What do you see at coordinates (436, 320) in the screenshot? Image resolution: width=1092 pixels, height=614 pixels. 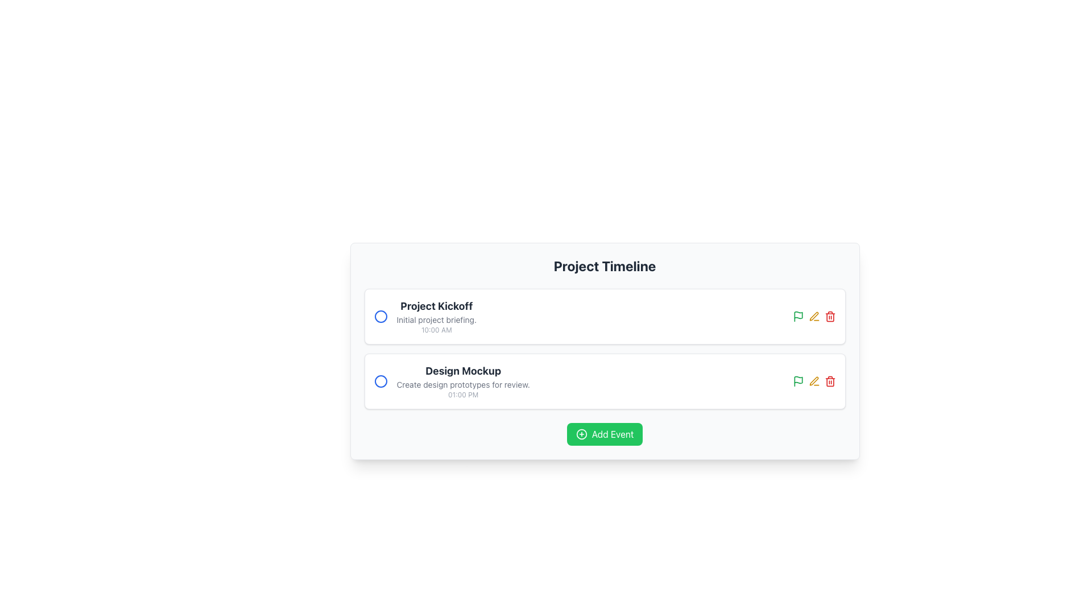 I see `the static text element displaying 'Initial project briefing' located in the 'Project Kickoff' section of the 'Project Timeline'` at bounding box center [436, 320].